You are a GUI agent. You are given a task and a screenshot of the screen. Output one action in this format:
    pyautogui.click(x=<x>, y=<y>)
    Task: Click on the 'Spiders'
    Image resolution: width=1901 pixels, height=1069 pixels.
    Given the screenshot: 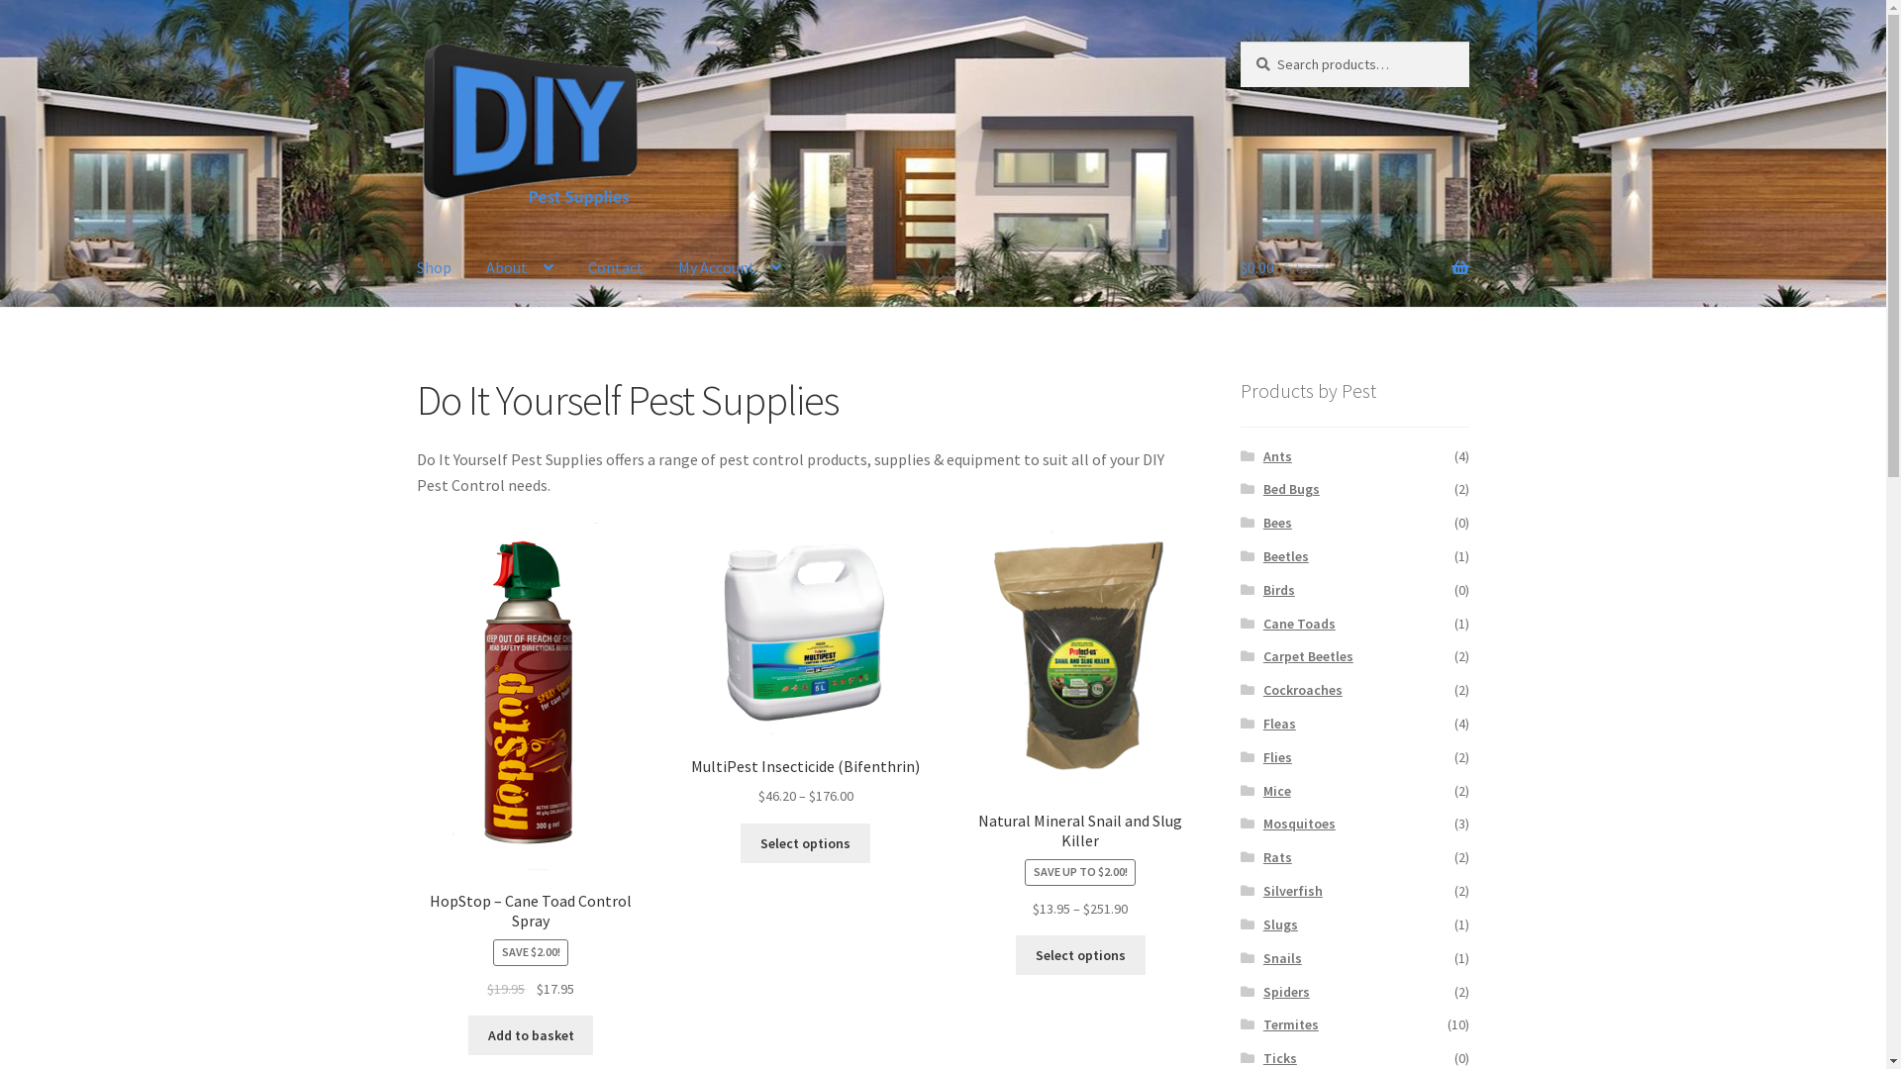 What is the action you would take?
    pyautogui.click(x=1286, y=992)
    